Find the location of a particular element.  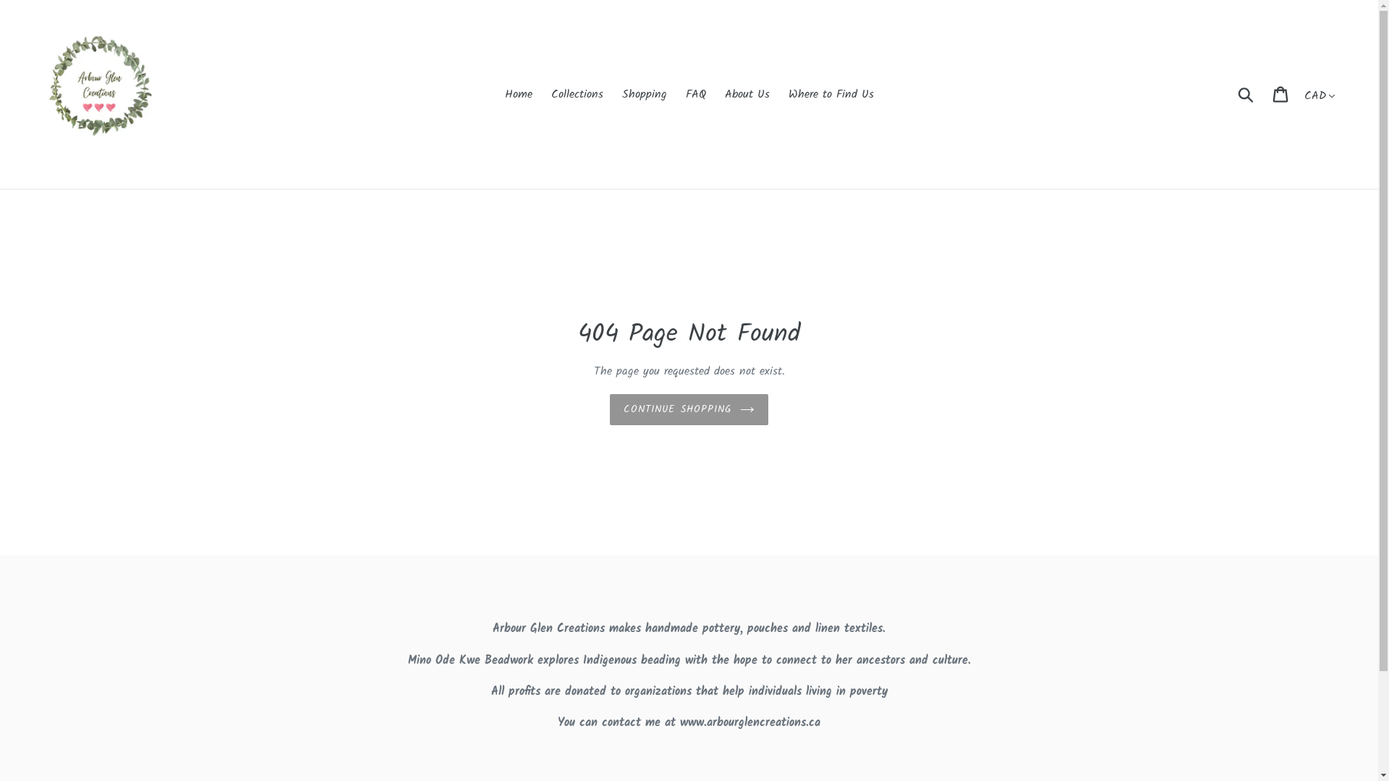

'CONTINUE SHOPPING' is located at coordinates (687, 409).